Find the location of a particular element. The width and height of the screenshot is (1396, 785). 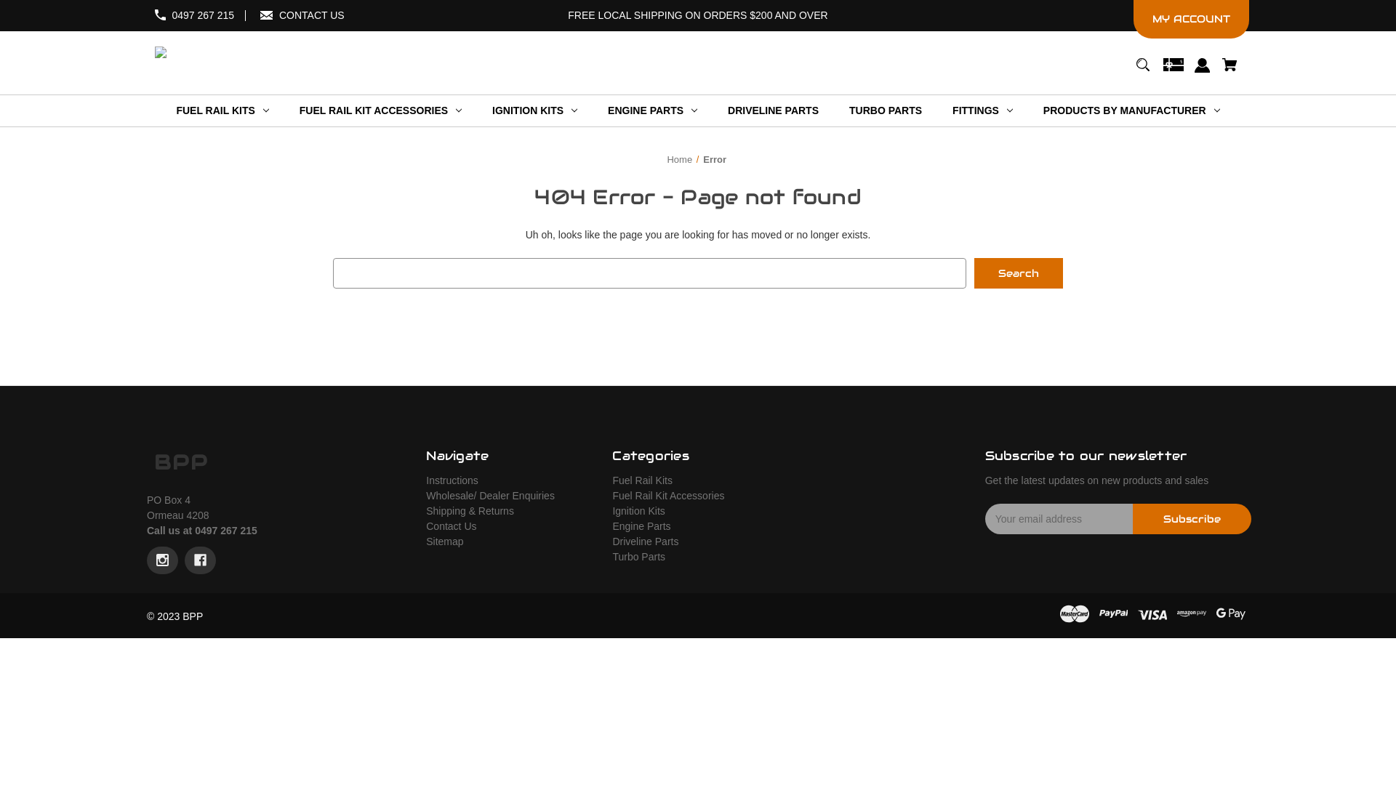

'Facebook' is located at coordinates (199, 560).